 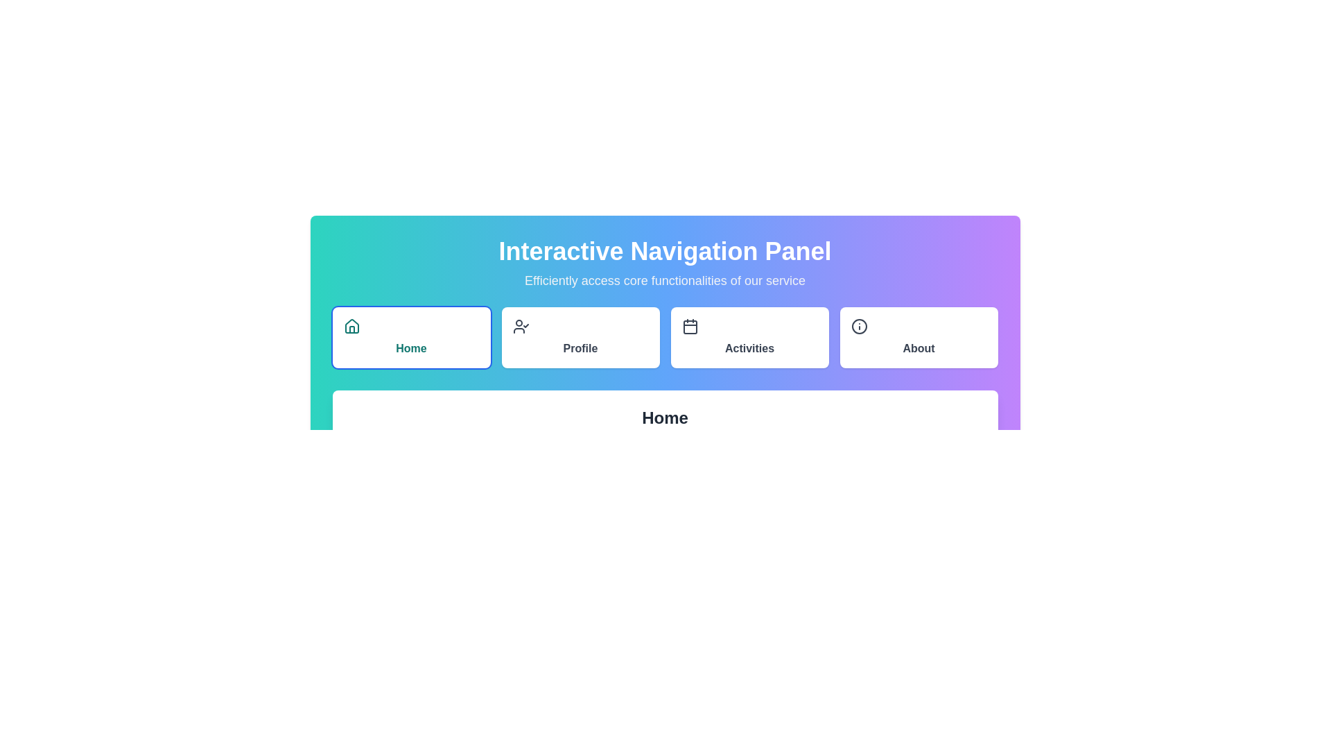 I want to click on the profile management icon located within the 'Profile' button, the second option in the horizontal navigation bar, so click(x=520, y=326).